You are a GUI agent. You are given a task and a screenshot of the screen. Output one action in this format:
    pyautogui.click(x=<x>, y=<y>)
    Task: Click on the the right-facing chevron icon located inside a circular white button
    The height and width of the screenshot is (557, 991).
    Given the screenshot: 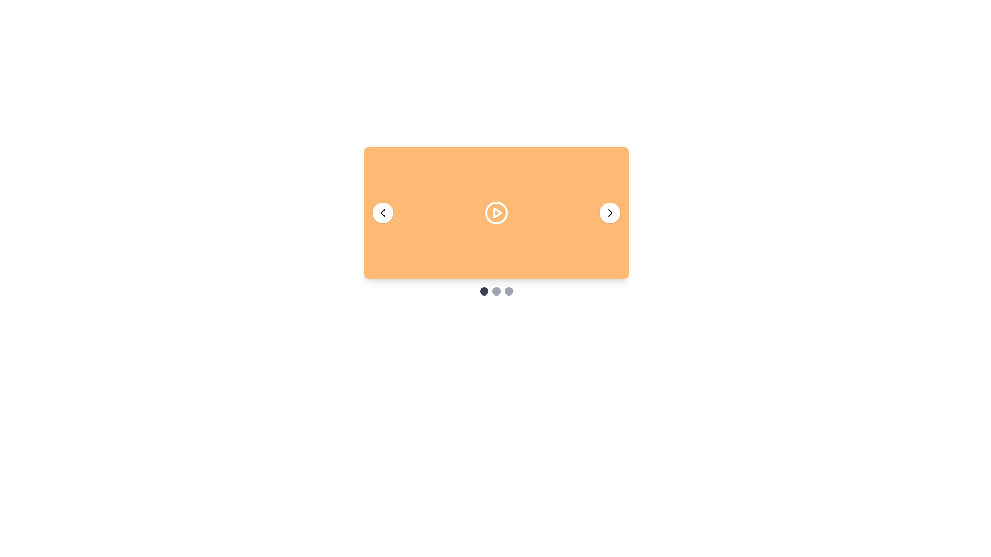 What is the action you would take?
    pyautogui.click(x=610, y=212)
    